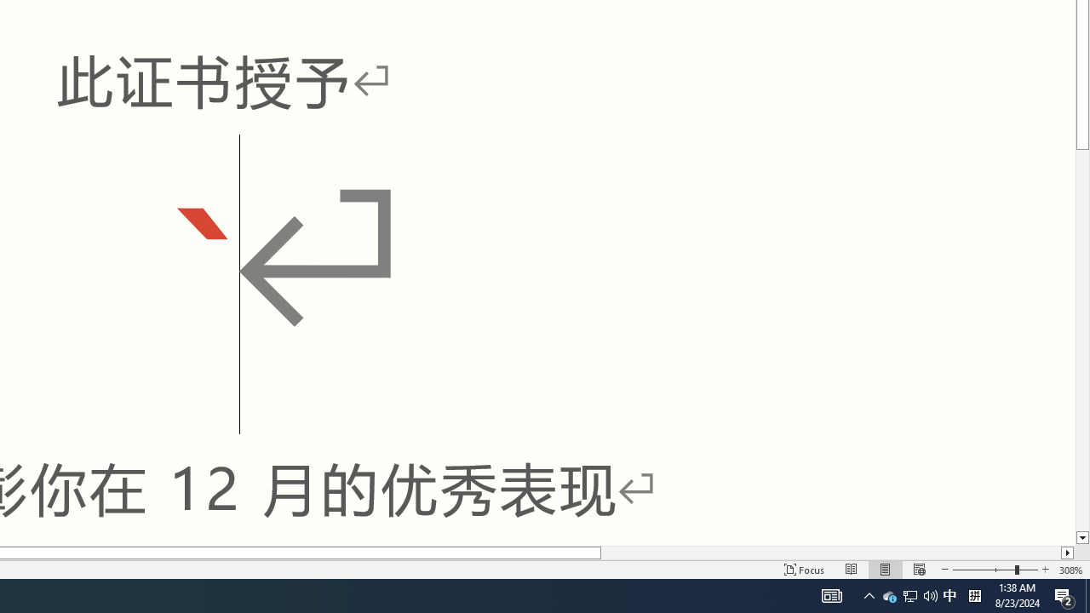  What do you see at coordinates (1070, 570) in the screenshot?
I see `'Zoom 308%'` at bounding box center [1070, 570].